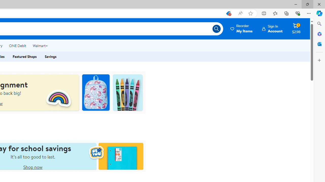 The image size is (325, 182). What do you see at coordinates (32, 167) in the screenshot?
I see `'Shop now'` at bounding box center [32, 167].